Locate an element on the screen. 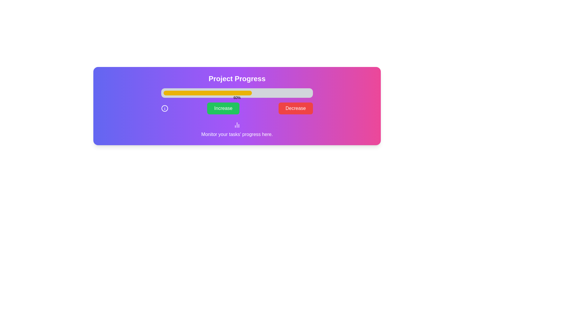  the text label that provides context for monitoring task progress, located at the bottom-center of the 'Project Progress' section, below the progress bar and the 'Increase' and 'Decrease' buttons is located at coordinates (237, 129).